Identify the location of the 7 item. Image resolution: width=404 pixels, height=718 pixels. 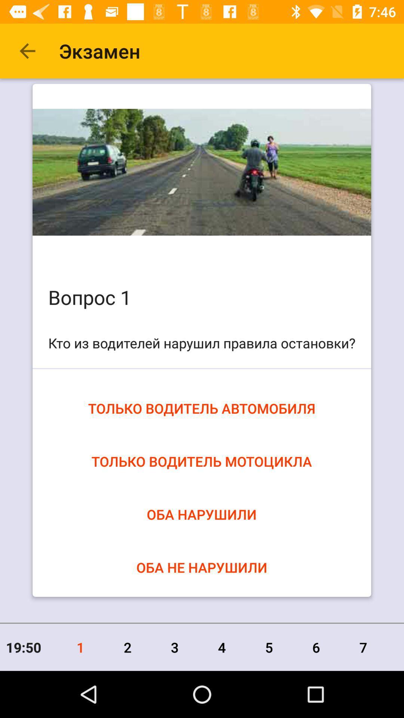
(363, 647).